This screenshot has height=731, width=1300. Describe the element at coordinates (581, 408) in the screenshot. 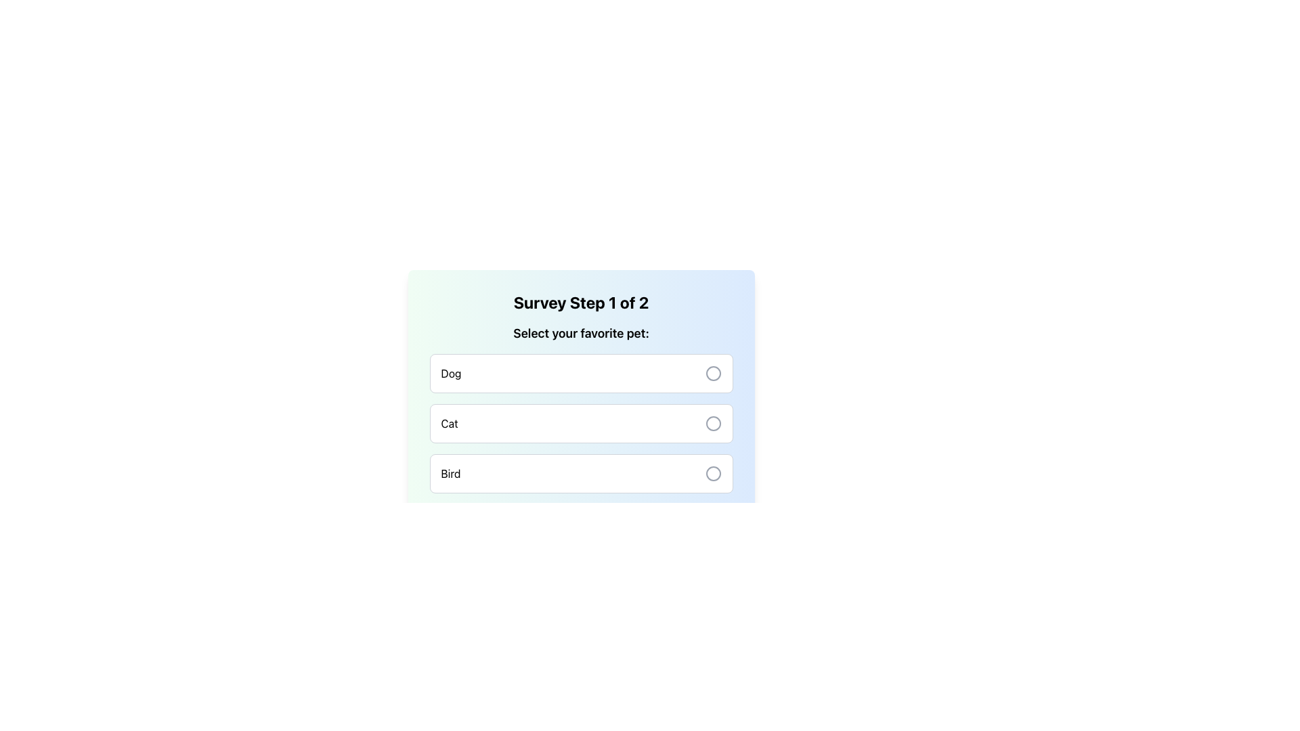

I see `provided options from the grouped selection component labeled 'Select your favorite pet: Dog Cat Bird', which includes three selectable options for pets` at that location.